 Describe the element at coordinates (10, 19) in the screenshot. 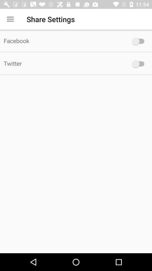

I see `the item above the facebook` at that location.